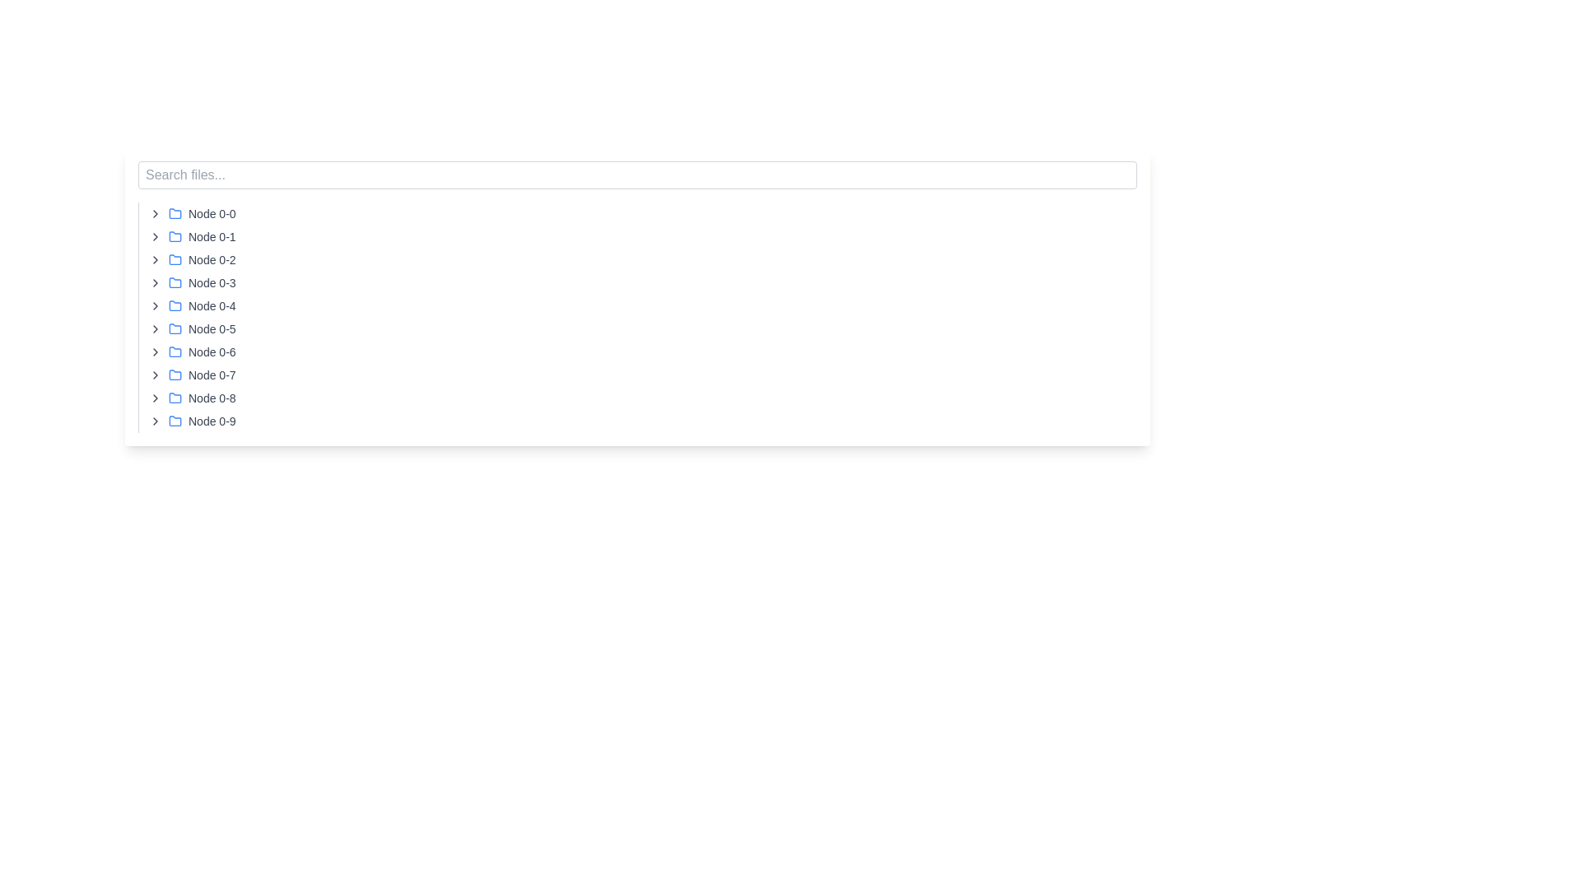 The image size is (1581, 889). What do you see at coordinates (175, 237) in the screenshot?
I see `the folder icon with a blue outline that represents 'Node 0-1', located between the chevron icon and the text label` at bounding box center [175, 237].